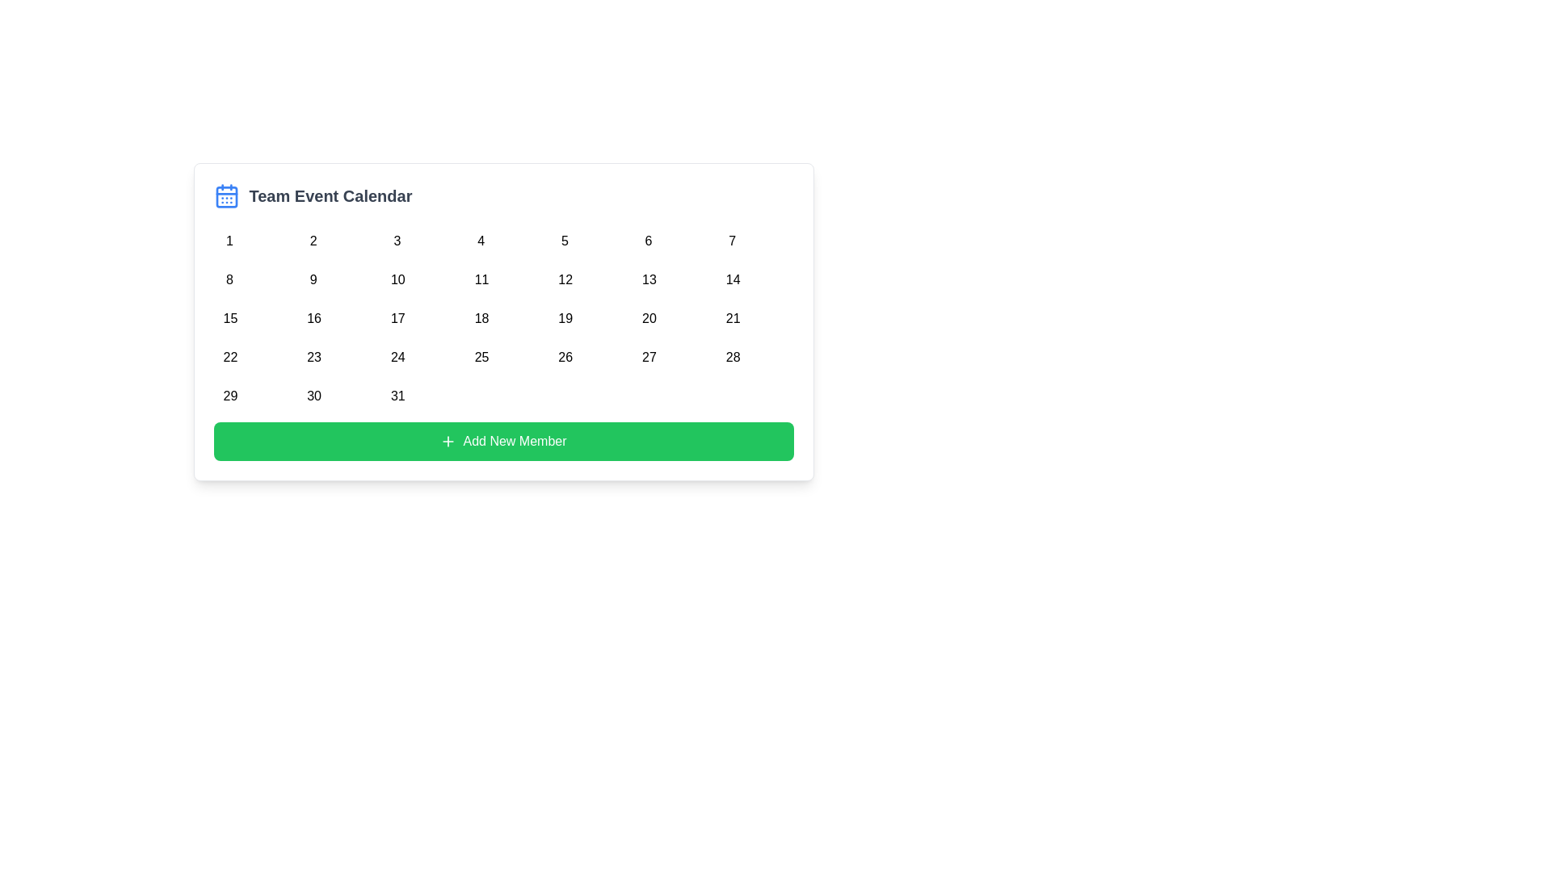  I want to click on the SVG rectangle representing a day or date cell within the calendar icon, which is positioned to the left of the 'Team Event Calendar' text, so click(225, 196).